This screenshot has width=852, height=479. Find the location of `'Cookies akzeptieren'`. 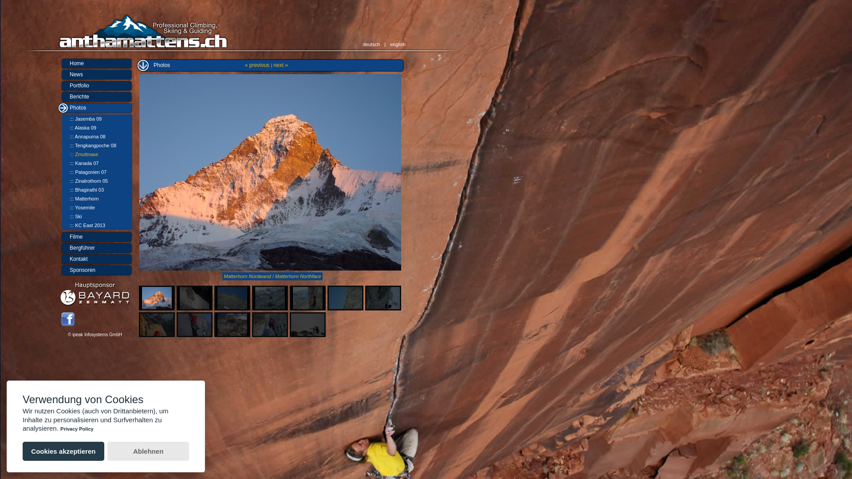

'Cookies akzeptieren' is located at coordinates (63, 451).